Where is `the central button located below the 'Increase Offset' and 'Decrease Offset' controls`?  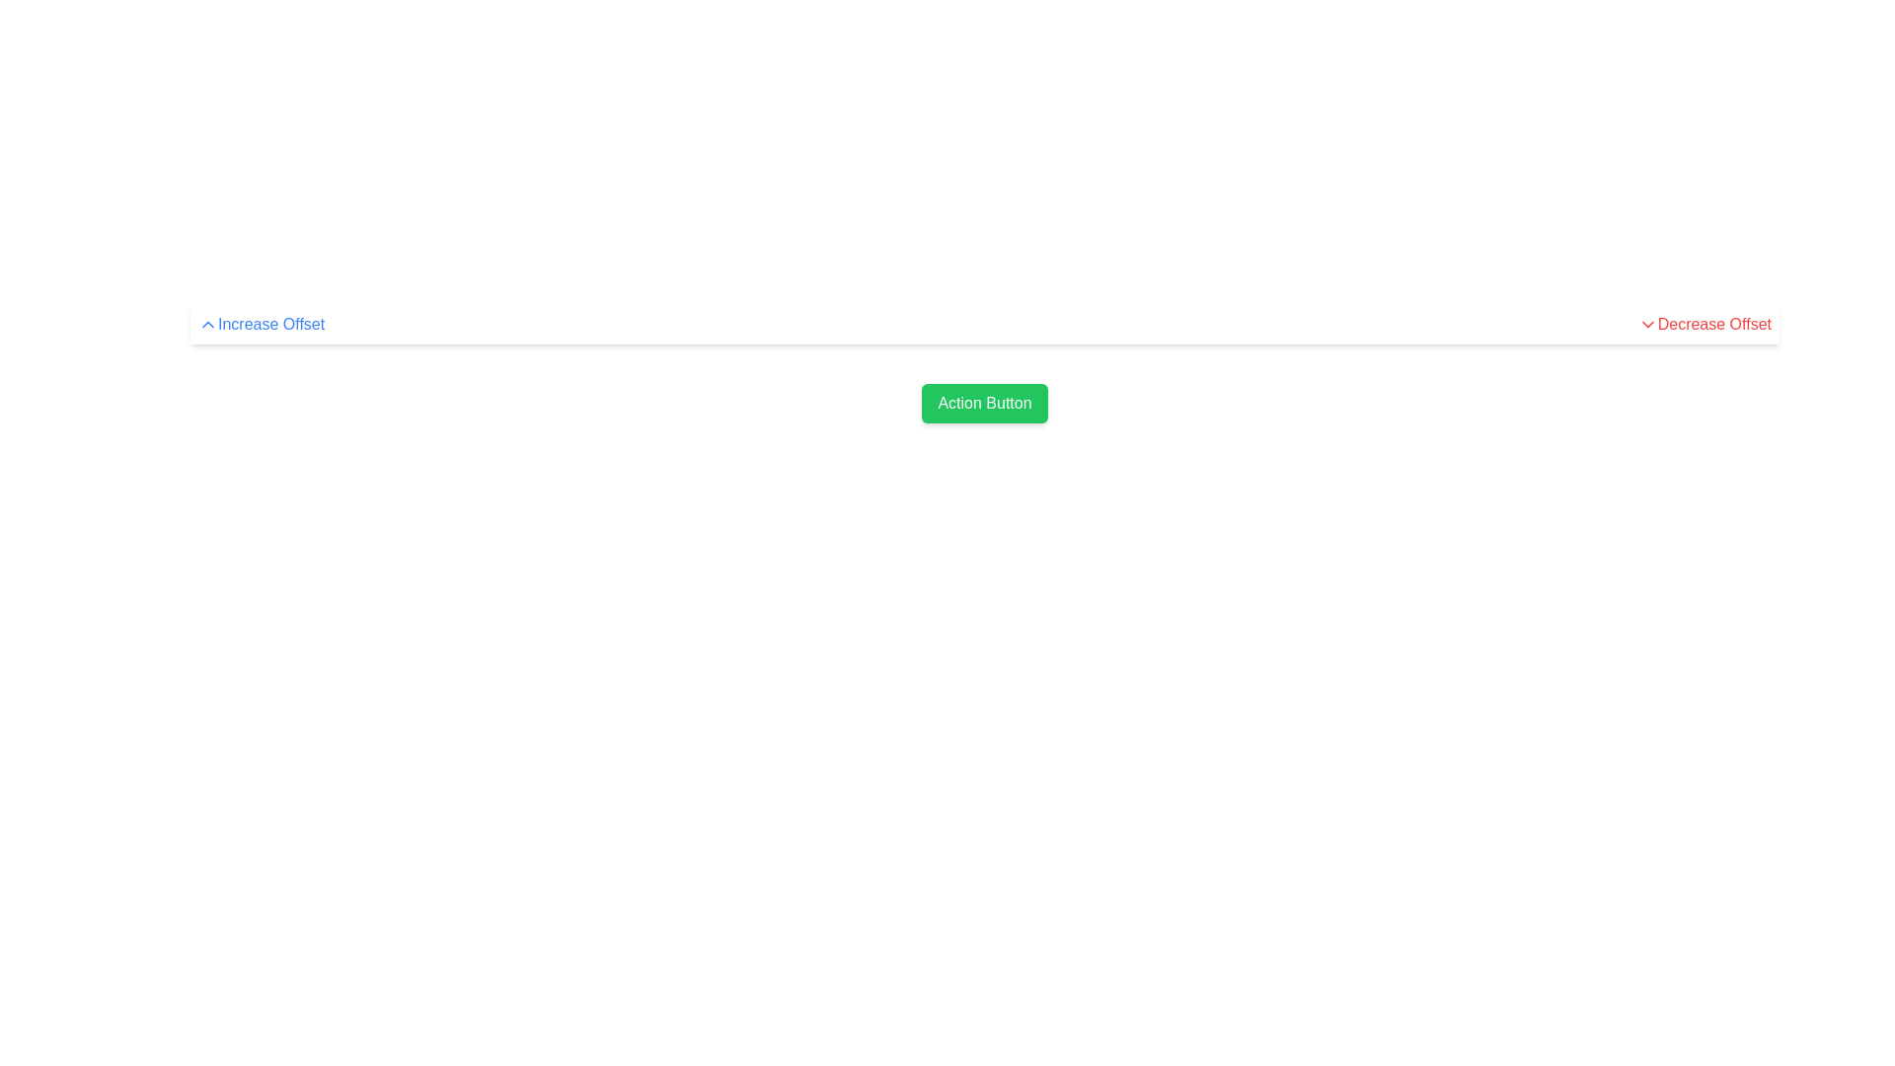 the central button located below the 'Increase Offset' and 'Decrease Offset' controls is located at coordinates (985, 402).